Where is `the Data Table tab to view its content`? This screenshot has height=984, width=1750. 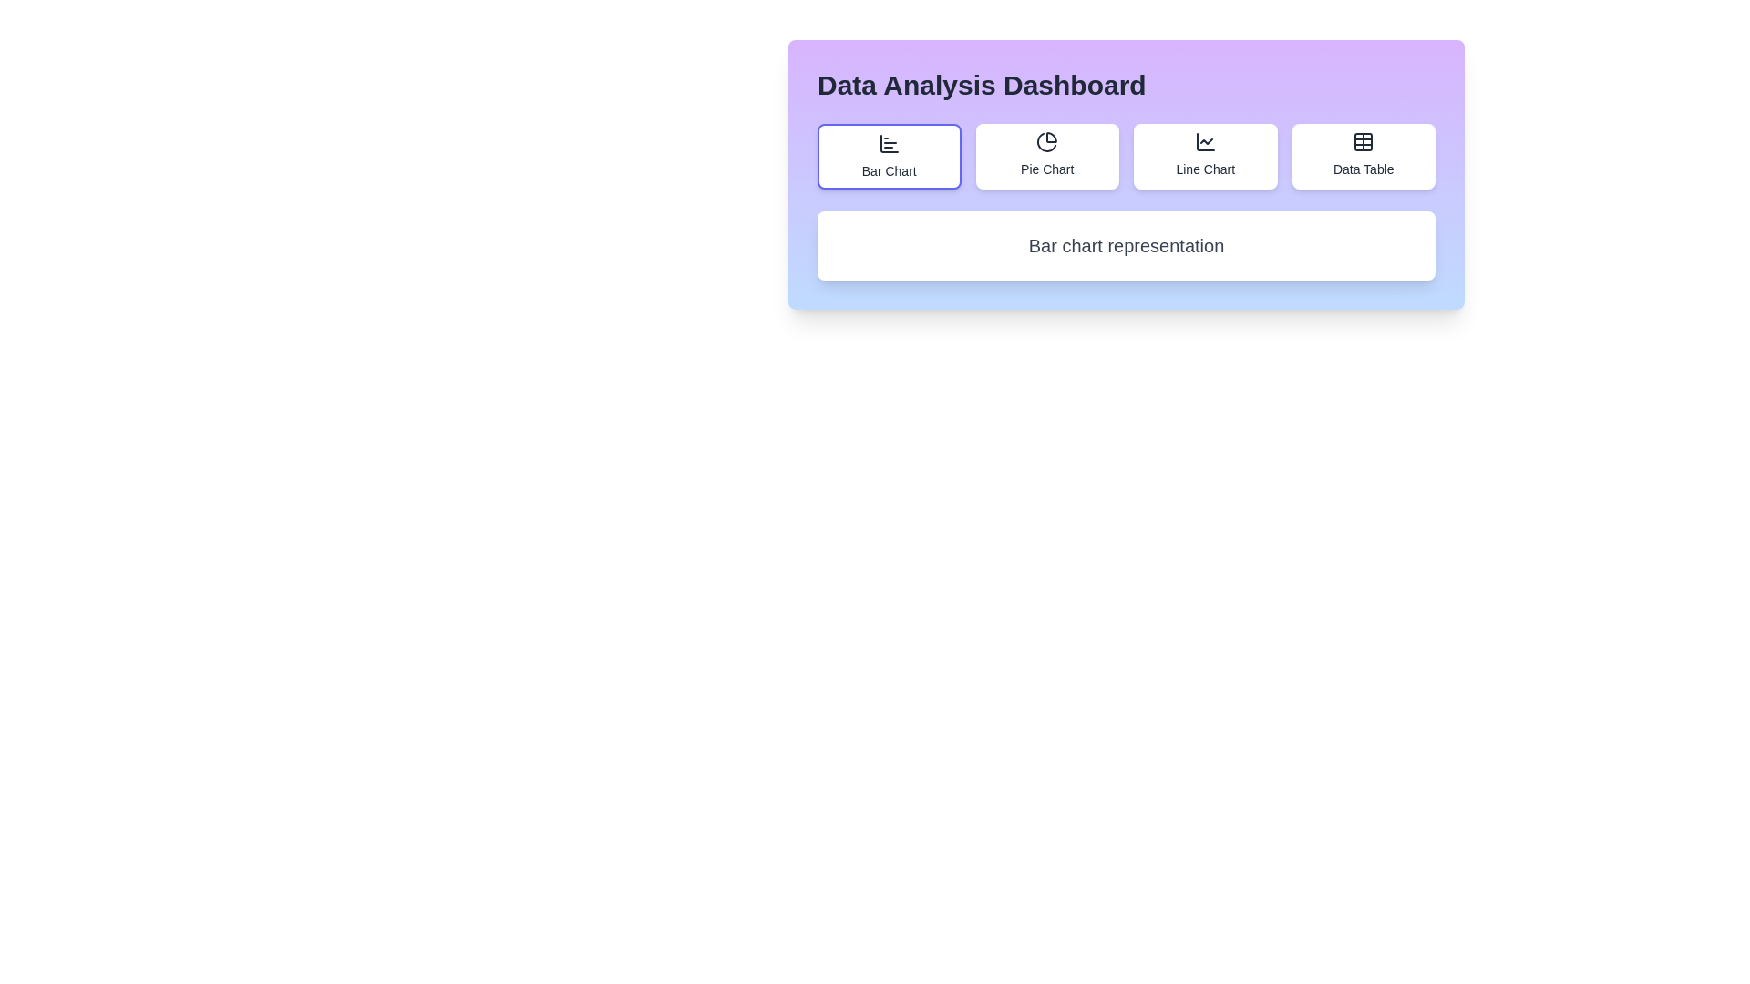 the Data Table tab to view its content is located at coordinates (1364, 156).